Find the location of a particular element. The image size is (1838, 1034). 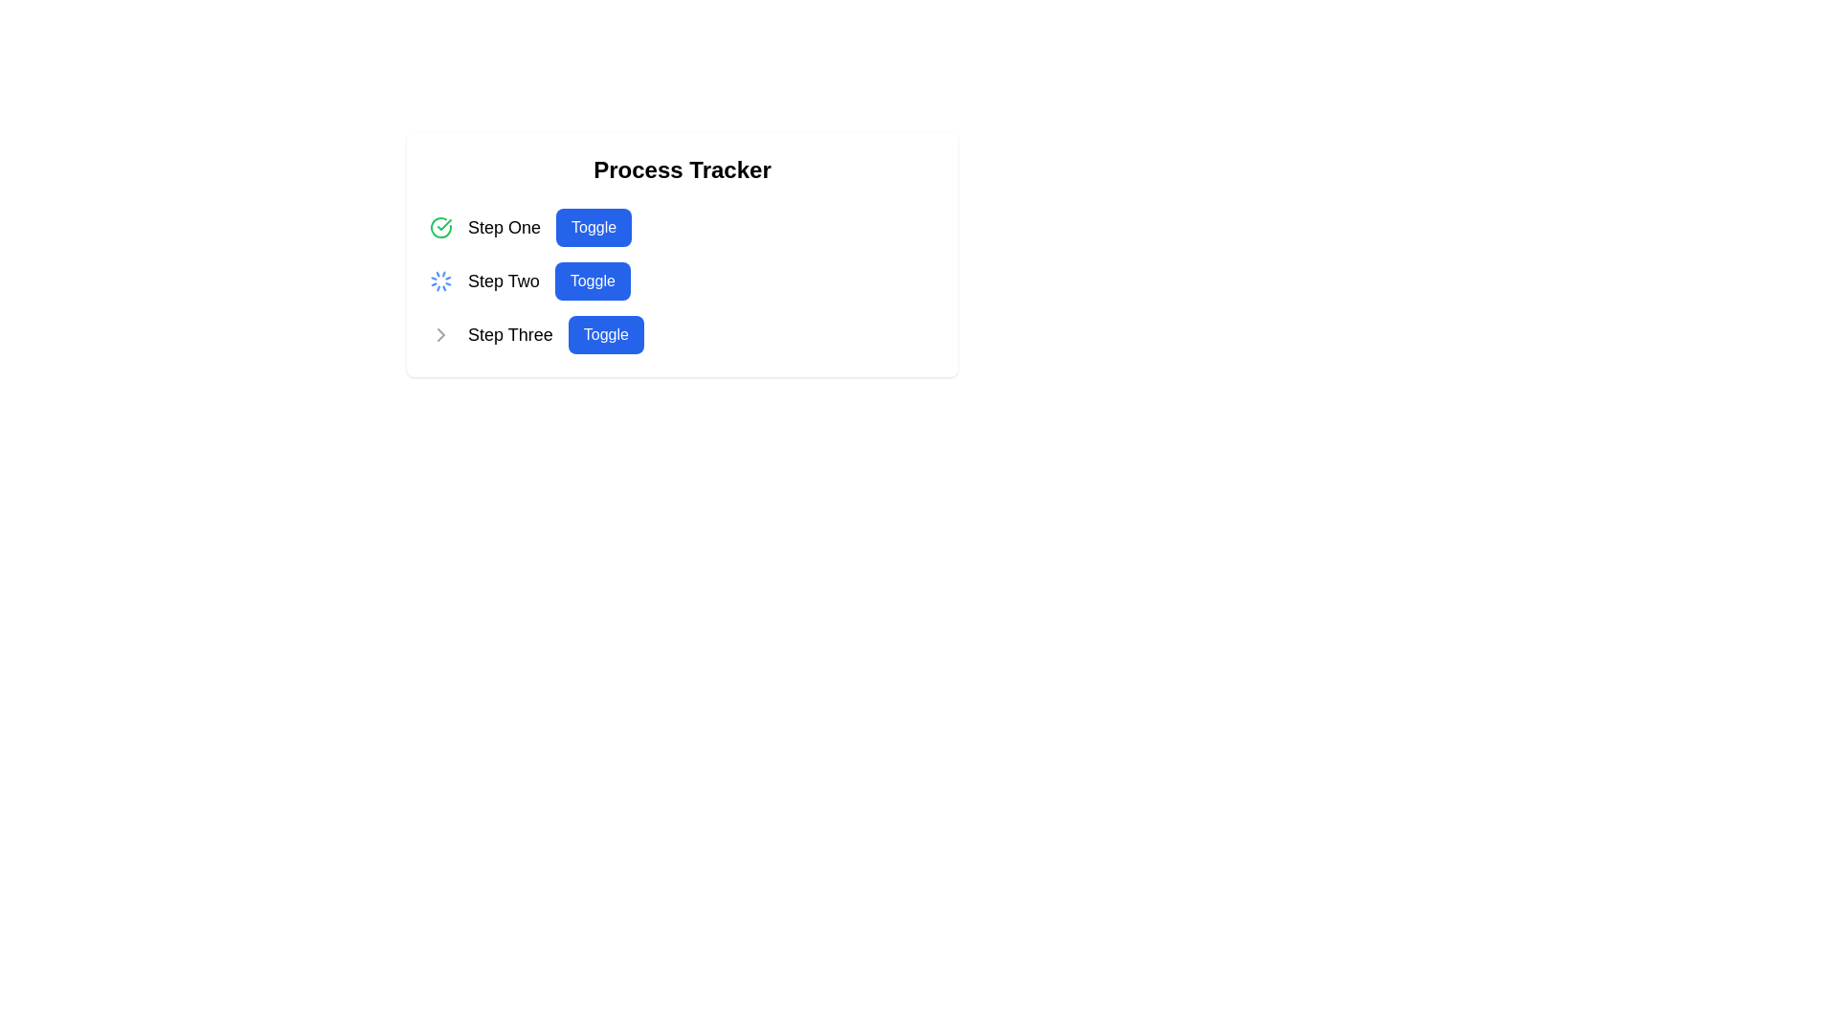

the checkmark icon indicating the completion of Step One in the process tracker is located at coordinates (439, 227).